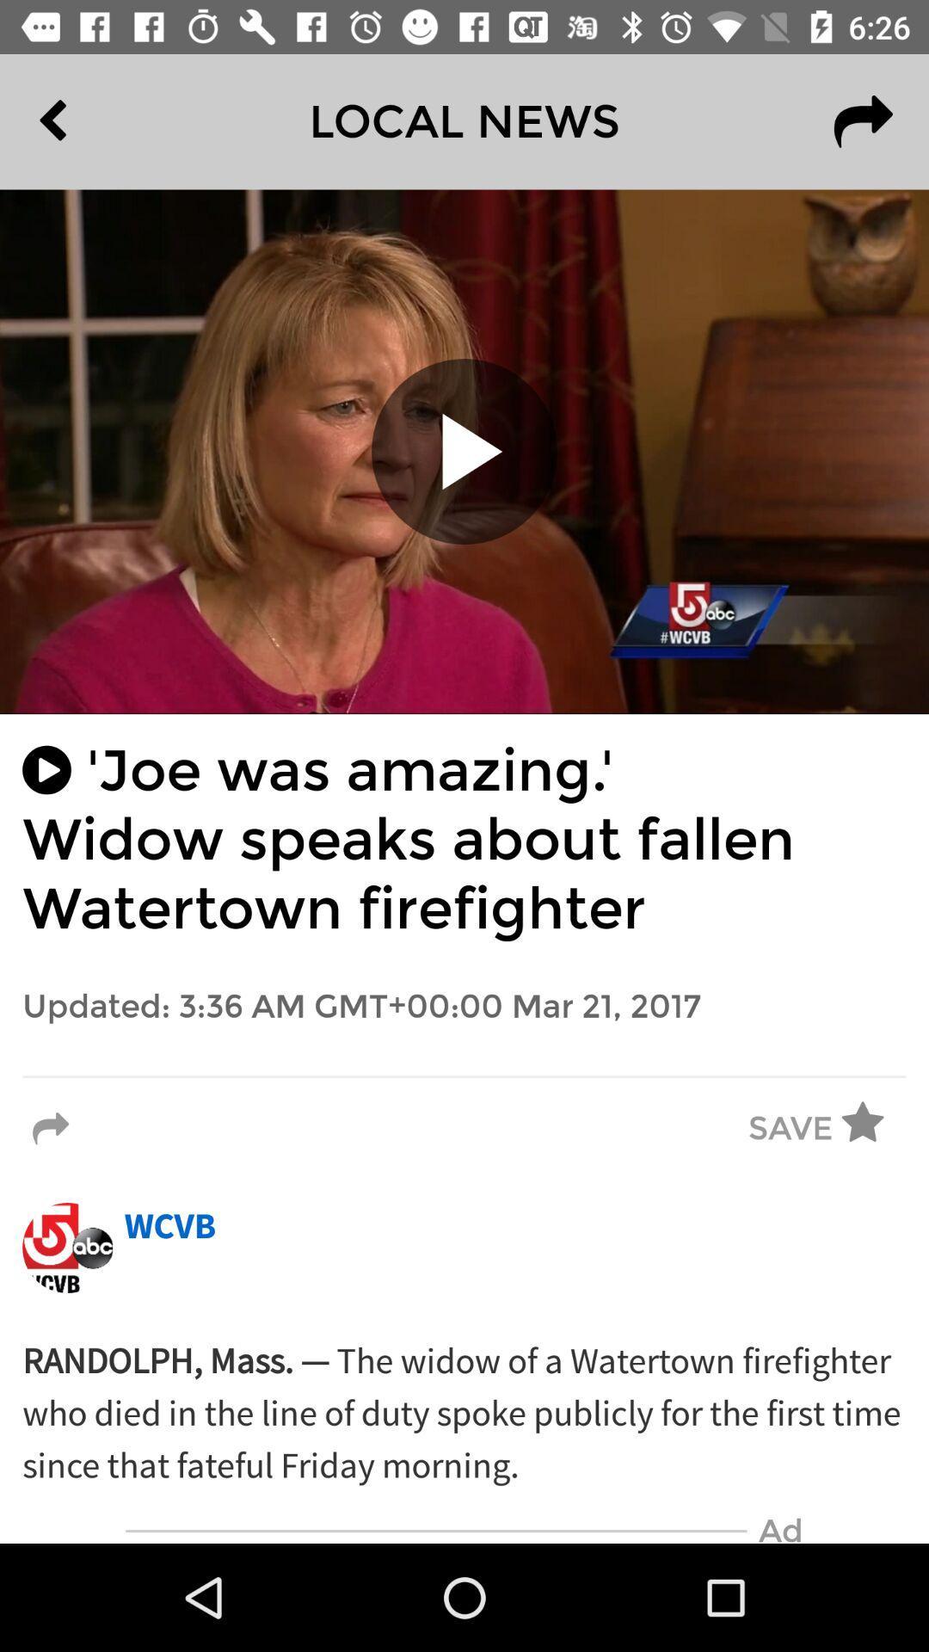 The image size is (929, 1652). I want to click on the joe was amazing item, so click(464, 840).